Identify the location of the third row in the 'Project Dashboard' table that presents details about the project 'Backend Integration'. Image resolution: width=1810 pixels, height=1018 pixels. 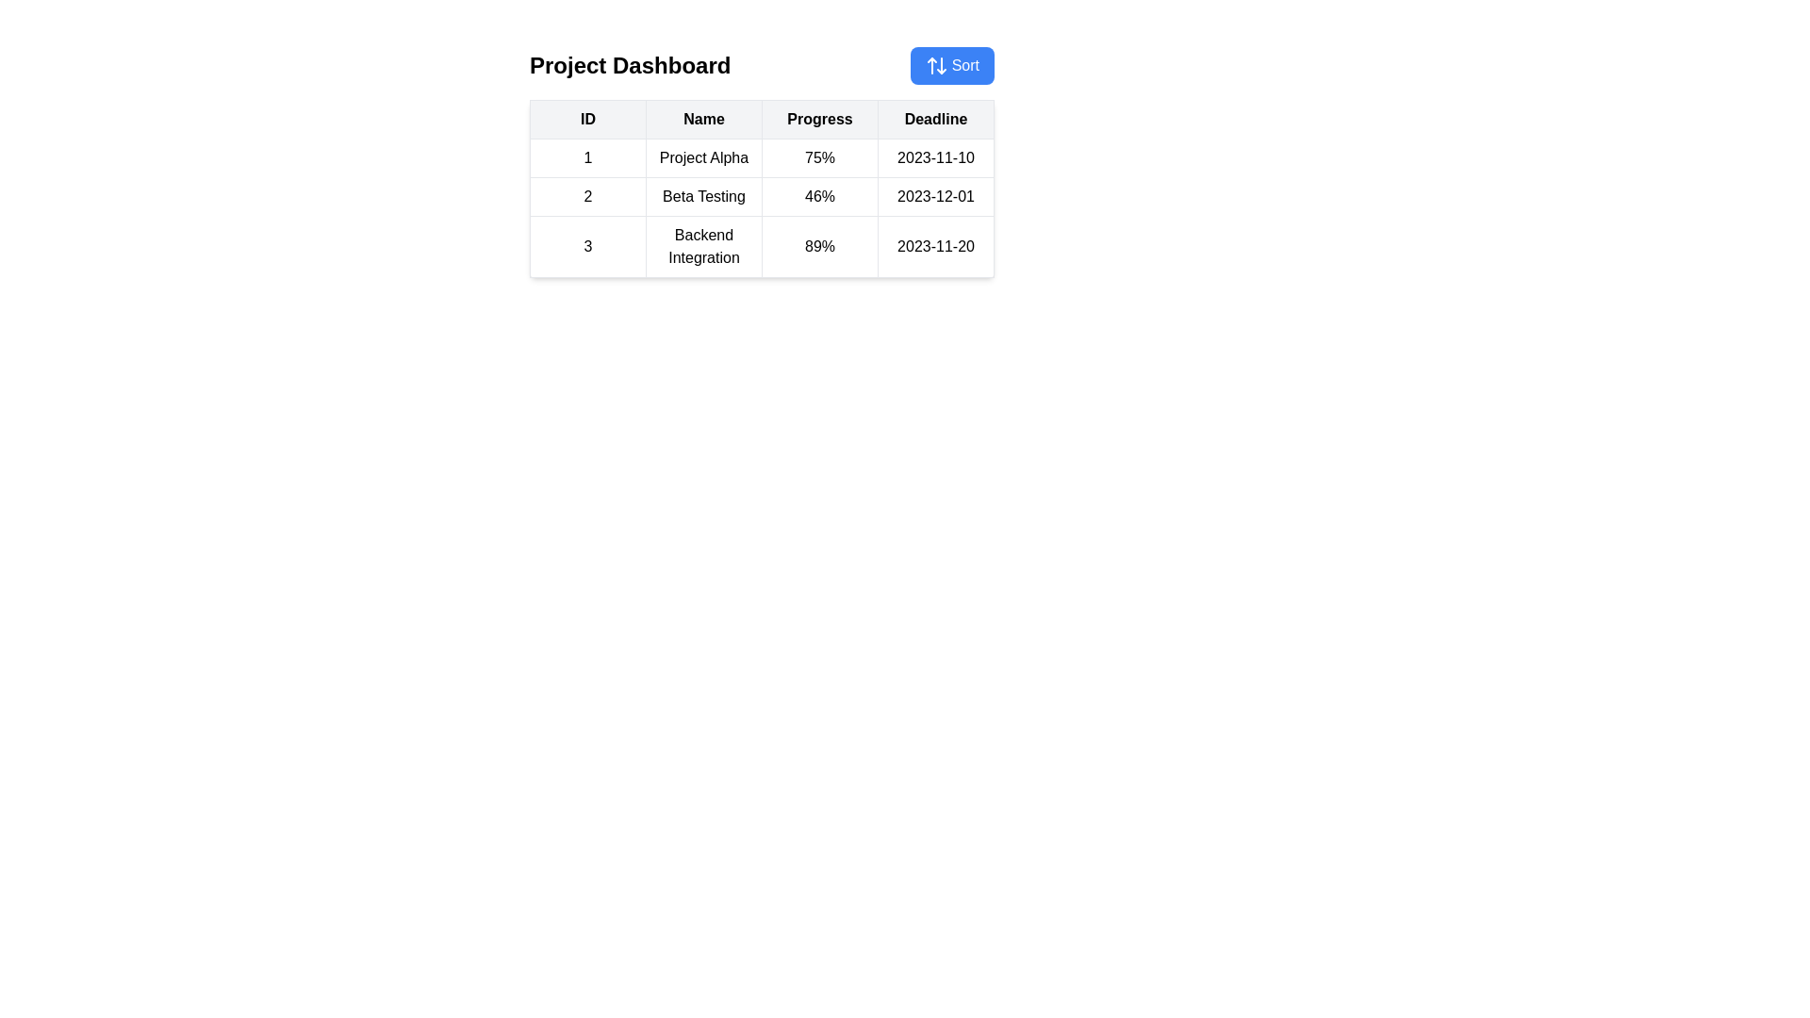
(762, 246).